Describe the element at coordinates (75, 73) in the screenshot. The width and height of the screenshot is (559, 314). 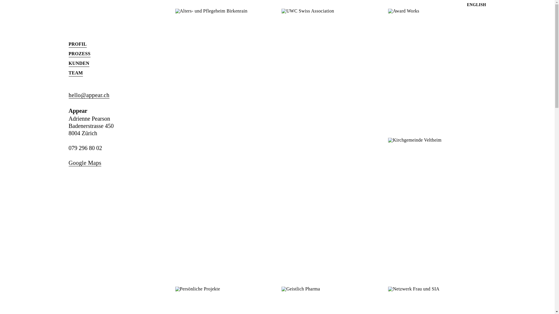
I see `'TEAM'` at that location.